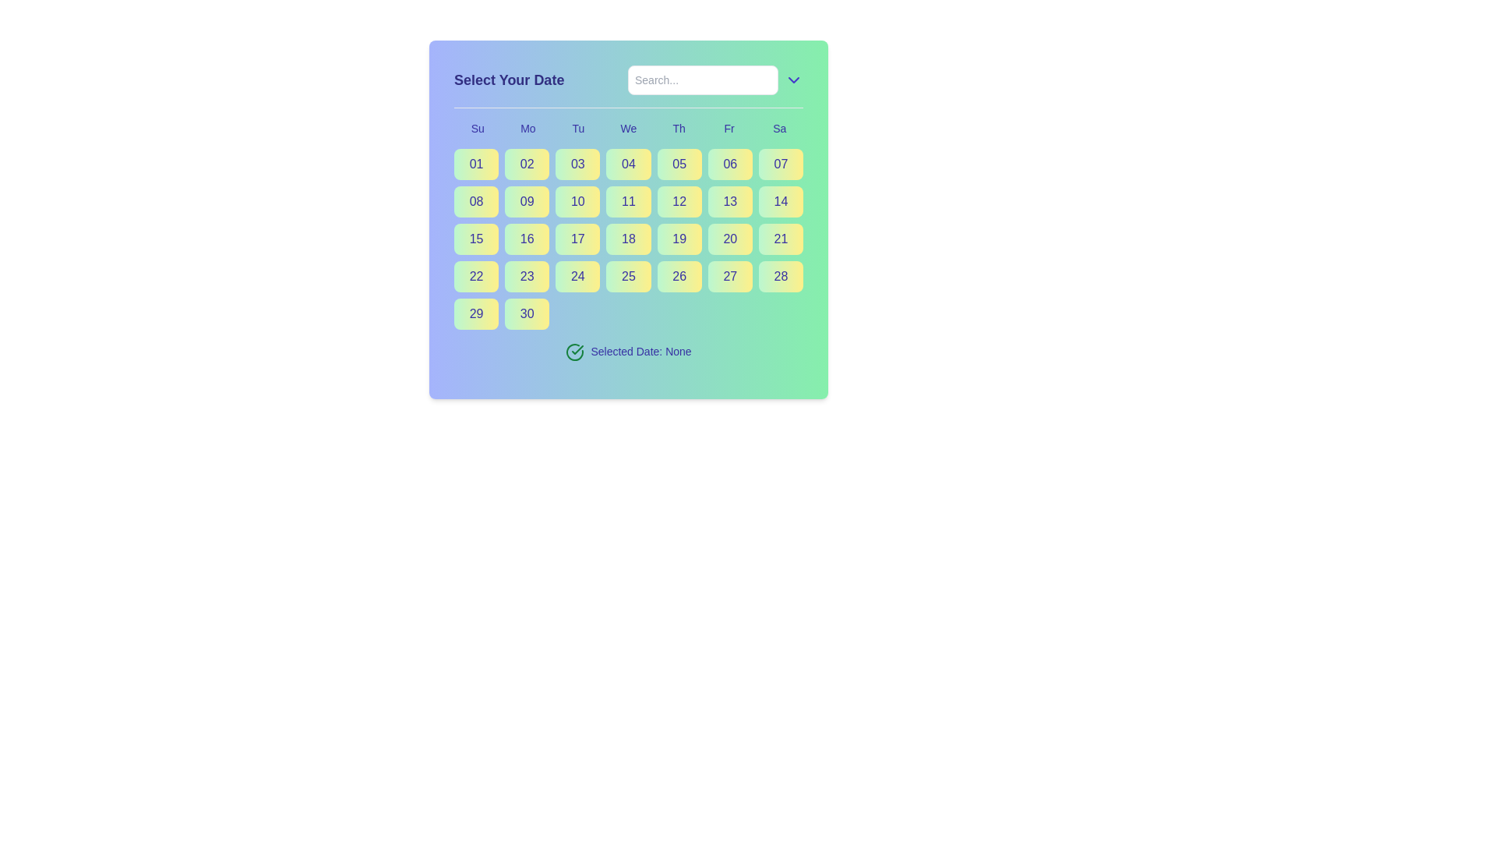  Describe the element at coordinates (628, 128) in the screenshot. I see `the 'We' text element that serves as a label for Wednesday, positioned centrally between 'Tu' and 'Th' in the row of day abbreviations above the calendar grid` at that location.